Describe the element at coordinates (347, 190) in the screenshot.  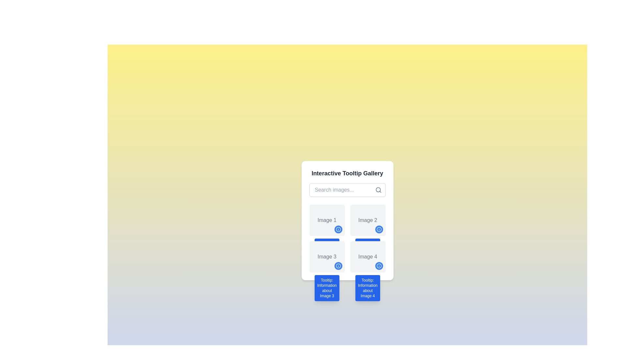
I see `the magnifying glass icon in the Search input box located within the 'Interactive Tooltip Gallery' card` at that location.